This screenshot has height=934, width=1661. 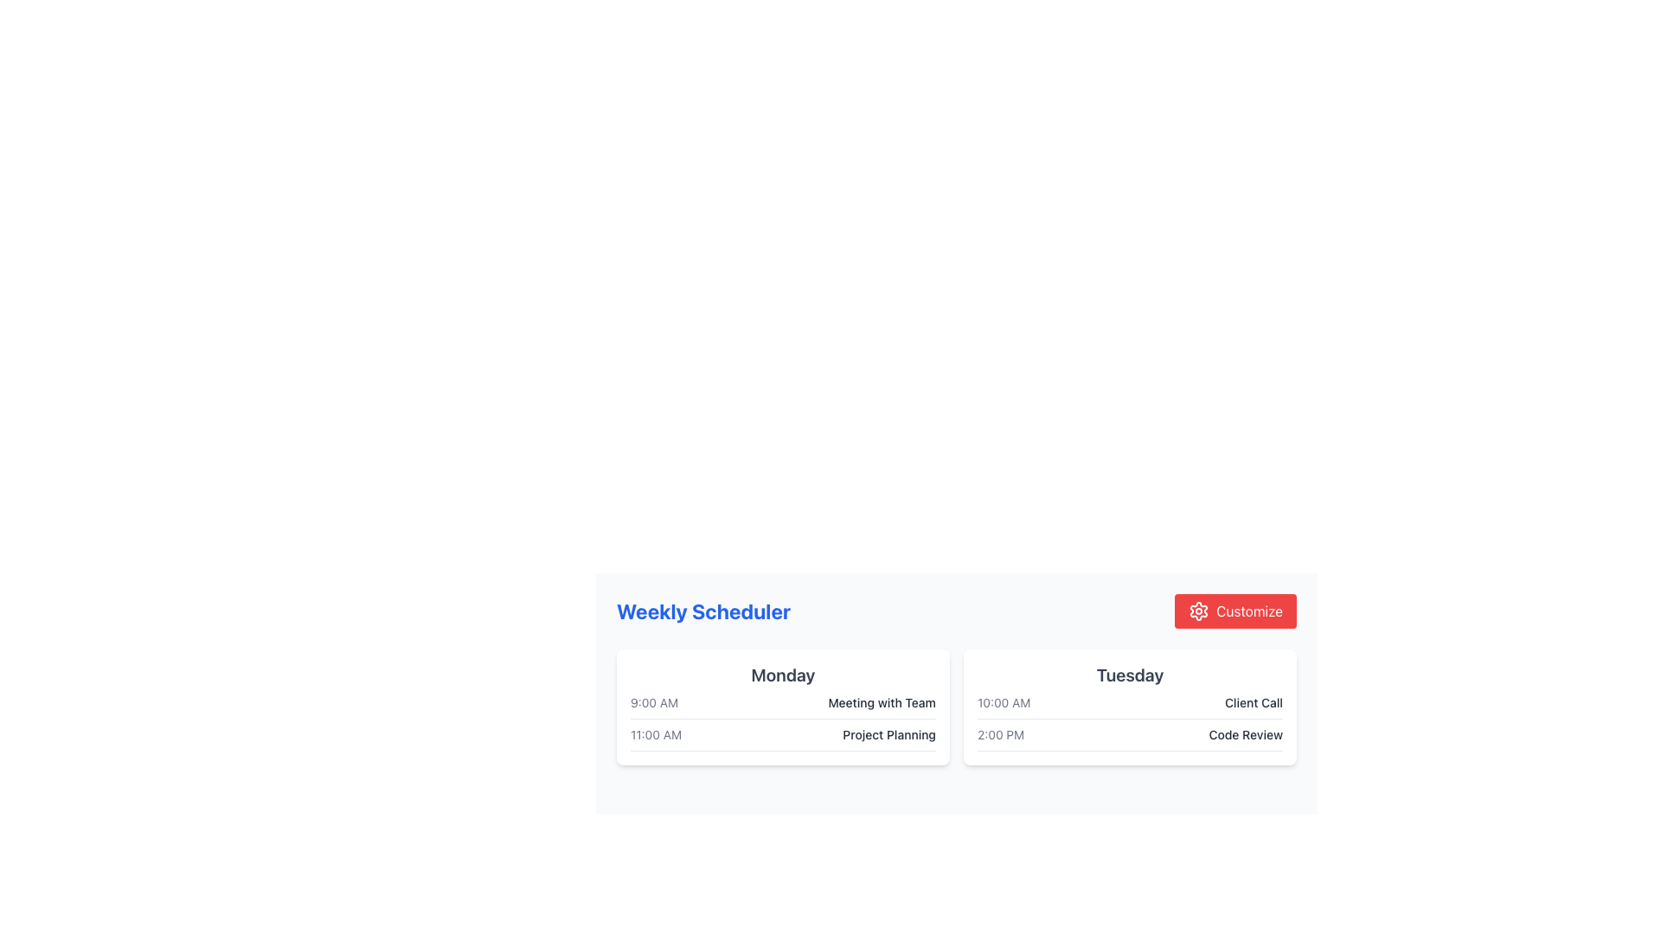 What do you see at coordinates (653, 703) in the screenshot?
I see `text displayed in the small gray text label showing '9:00 AM' located at the top-left corner of the 'Monday' card in the Weekly Scheduler section` at bounding box center [653, 703].